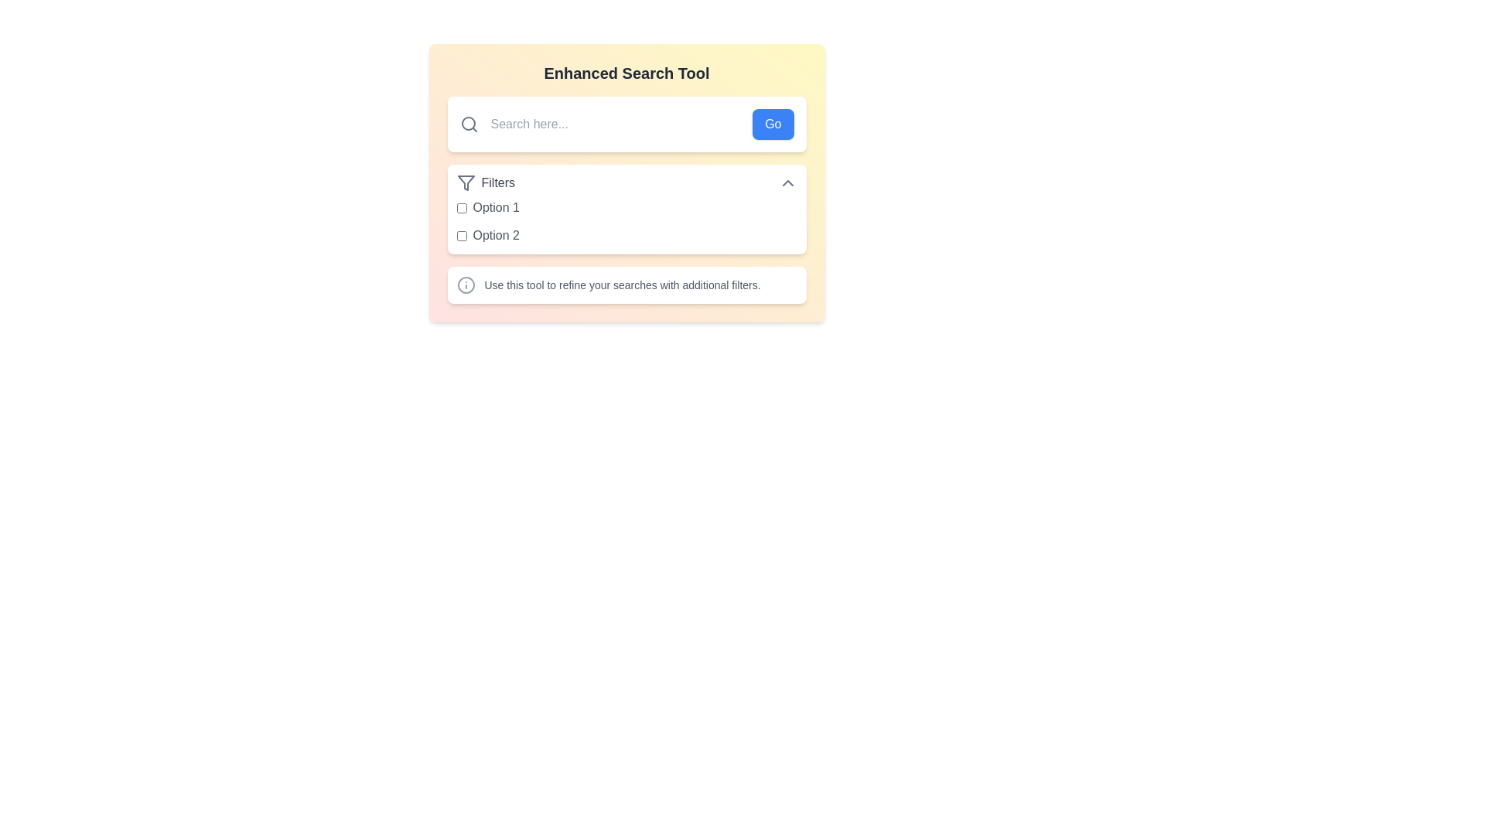 The height and width of the screenshot is (835, 1485). Describe the element at coordinates (626, 221) in the screenshot. I see `the checkbox group labeled 'Option 1' and 'Option 2' for keyboard interaction` at that location.